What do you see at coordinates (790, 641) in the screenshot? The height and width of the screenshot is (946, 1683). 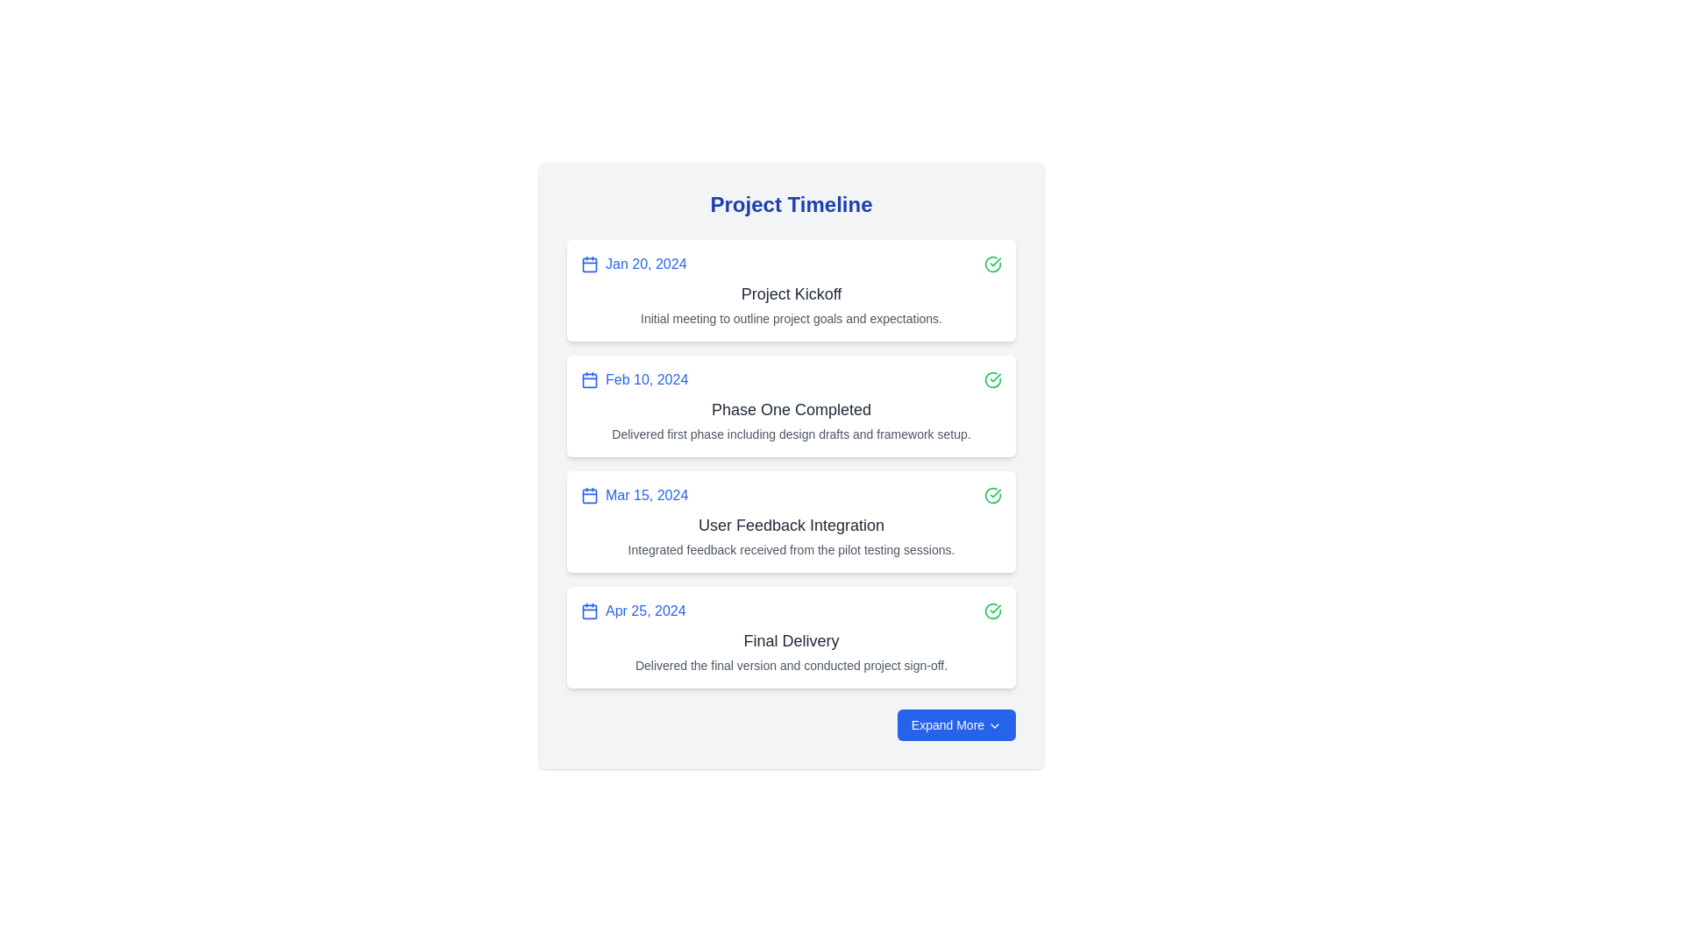 I see `text contents of the static text component displaying 'Final Delivery', which is styled in bold dark gray and located beneath the date 'Apr 25, 2024'` at bounding box center [790, 641].